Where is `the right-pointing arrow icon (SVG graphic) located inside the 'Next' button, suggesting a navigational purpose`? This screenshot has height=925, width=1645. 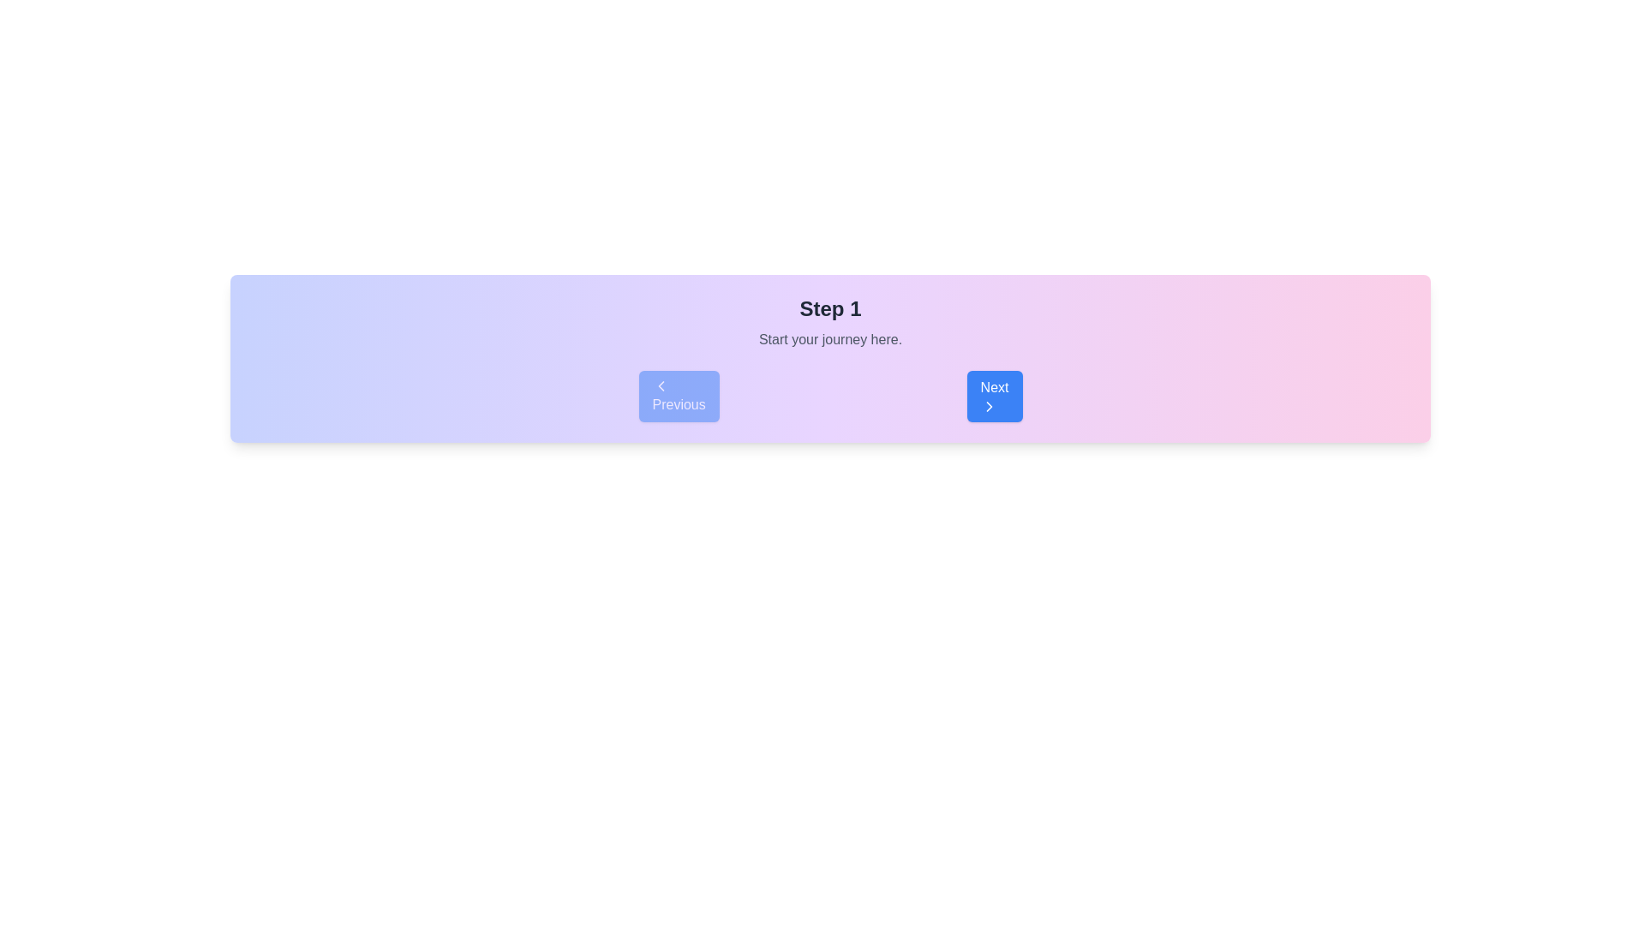 the right-pointing arrow icon (SVG graphic) located inside the 'Next' button, suggesting a navigational purpose is located at coordinates (989, 406).